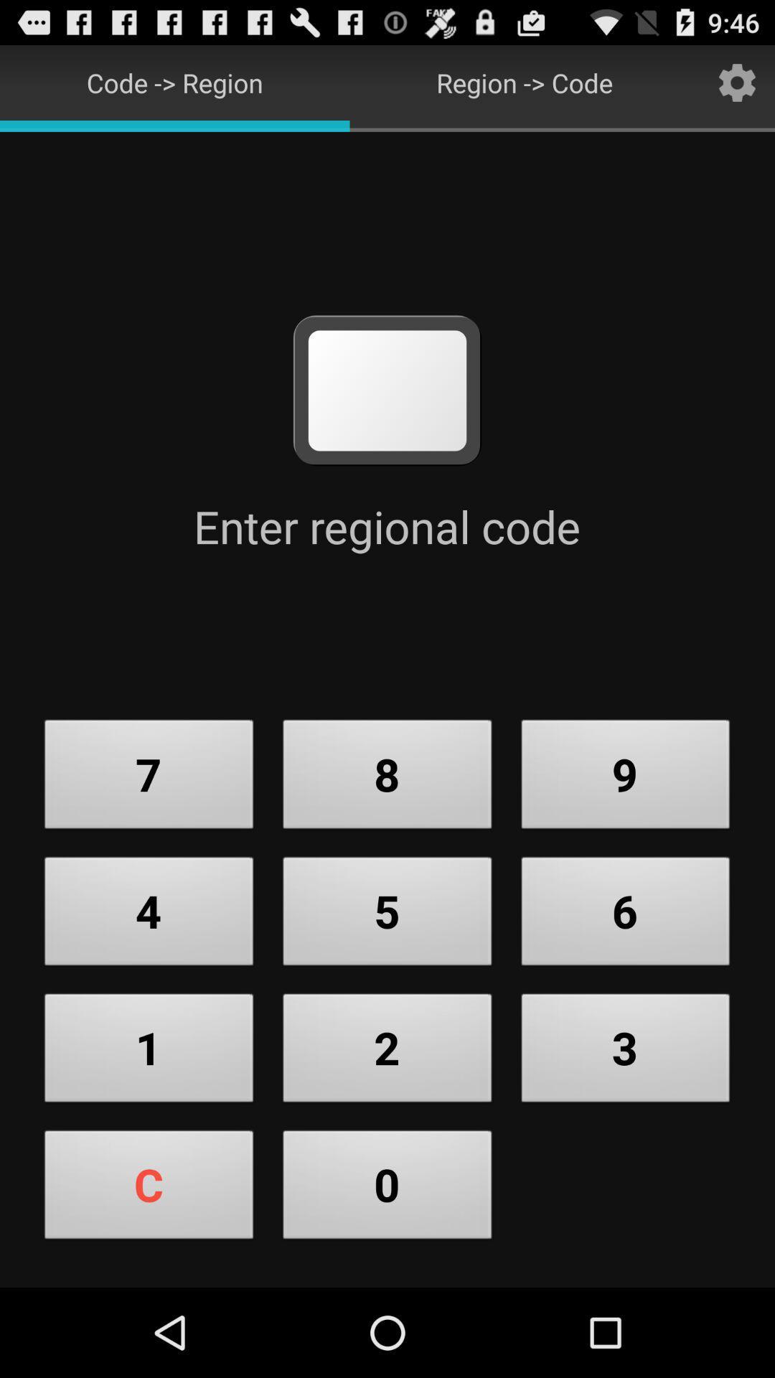  I want to click on the settings icon, so click(737, 88).